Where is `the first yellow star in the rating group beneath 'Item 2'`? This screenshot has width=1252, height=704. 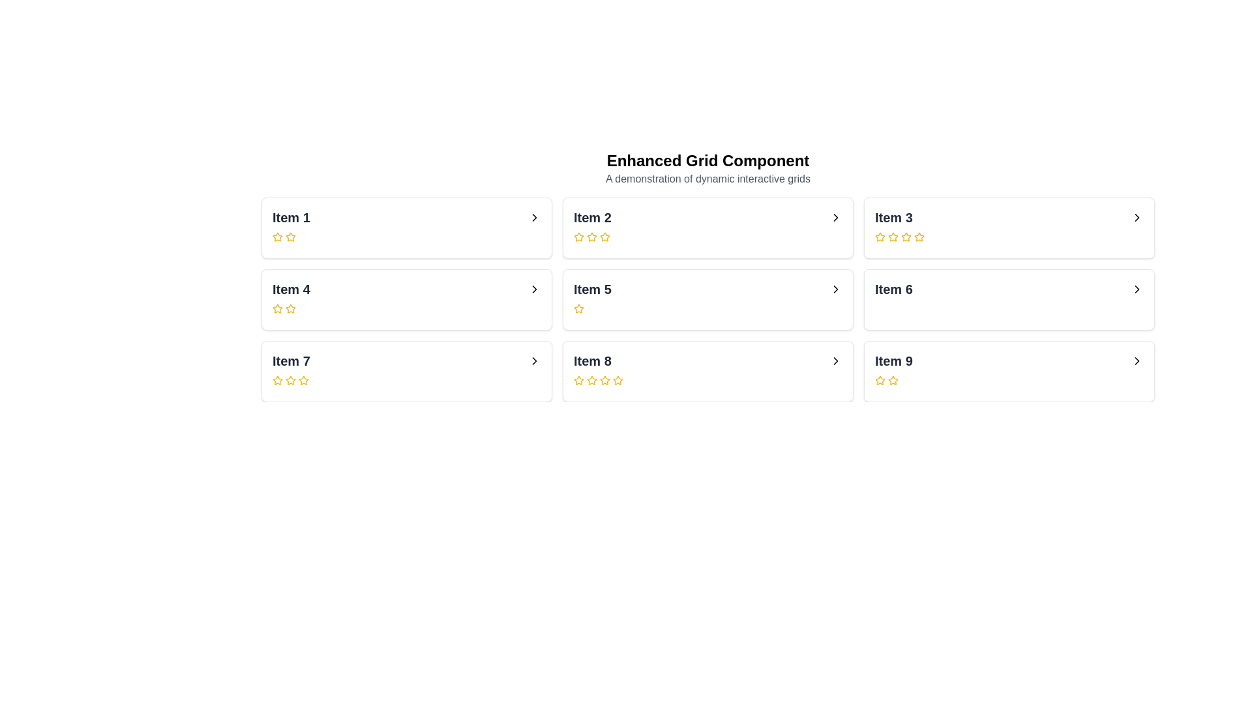 the first yellow star in the rating group beneath 'Item 2' is located at coordinates (578, 237).